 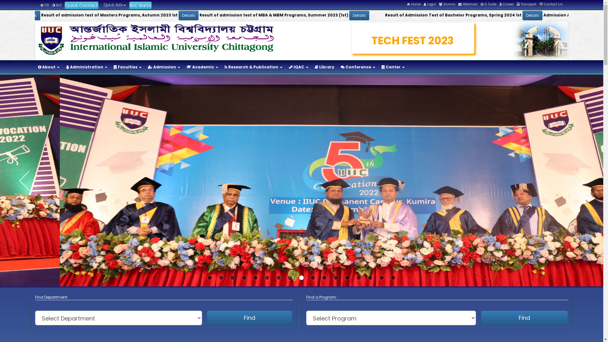 What do you see at coordinates (129, 5) in the screenshot?
I see `'IIUC Barta'` at bounding box center [129, 5].